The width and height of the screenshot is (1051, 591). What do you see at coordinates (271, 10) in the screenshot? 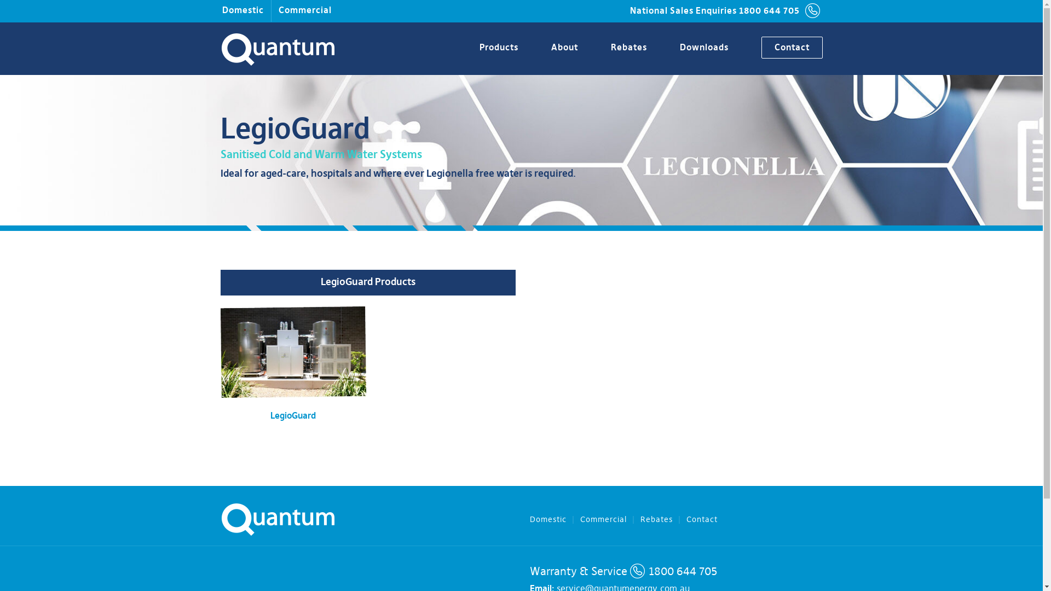
I see `'Commercial'` at bounding box center [271, 10].